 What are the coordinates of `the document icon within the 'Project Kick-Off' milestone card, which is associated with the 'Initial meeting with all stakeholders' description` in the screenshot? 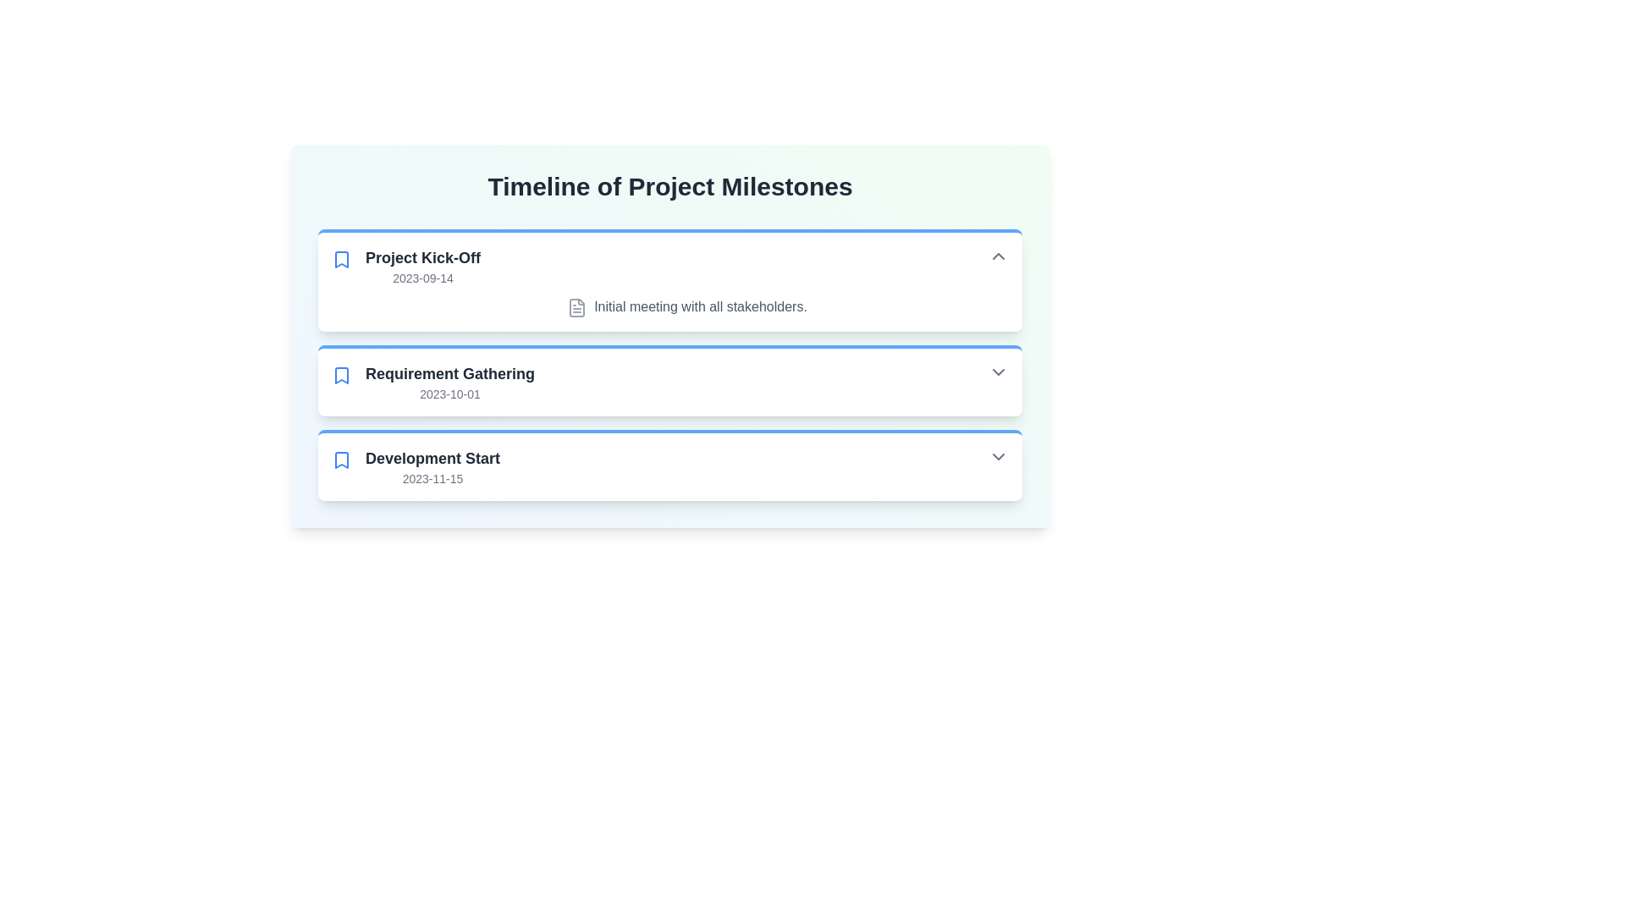 It's located at (577, 307).